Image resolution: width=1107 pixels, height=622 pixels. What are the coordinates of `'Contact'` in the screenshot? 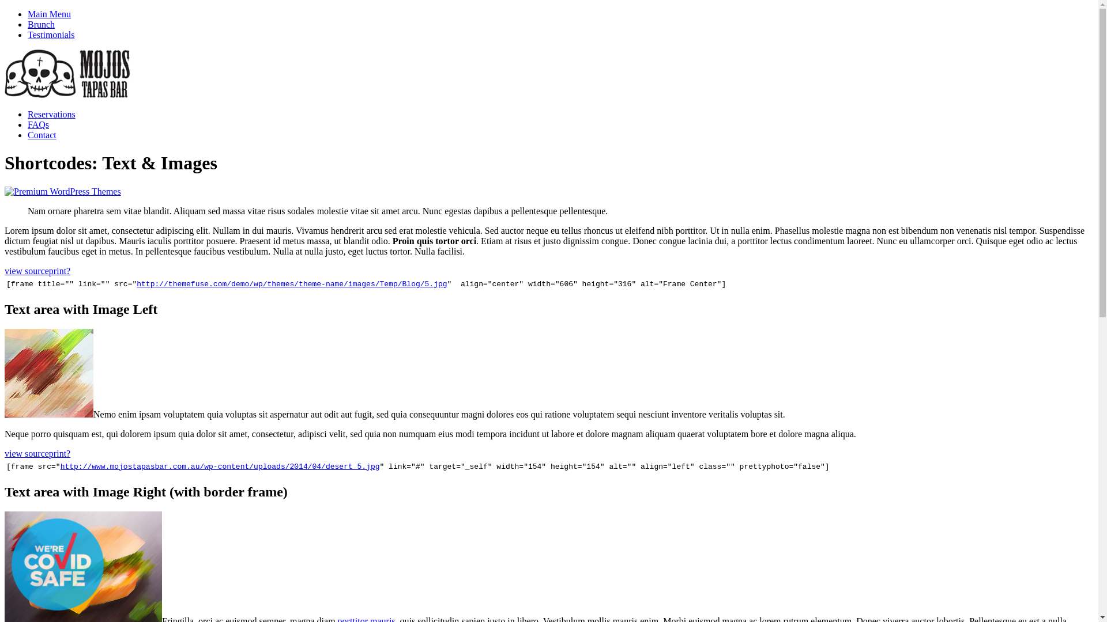 It's located at (28, 134).